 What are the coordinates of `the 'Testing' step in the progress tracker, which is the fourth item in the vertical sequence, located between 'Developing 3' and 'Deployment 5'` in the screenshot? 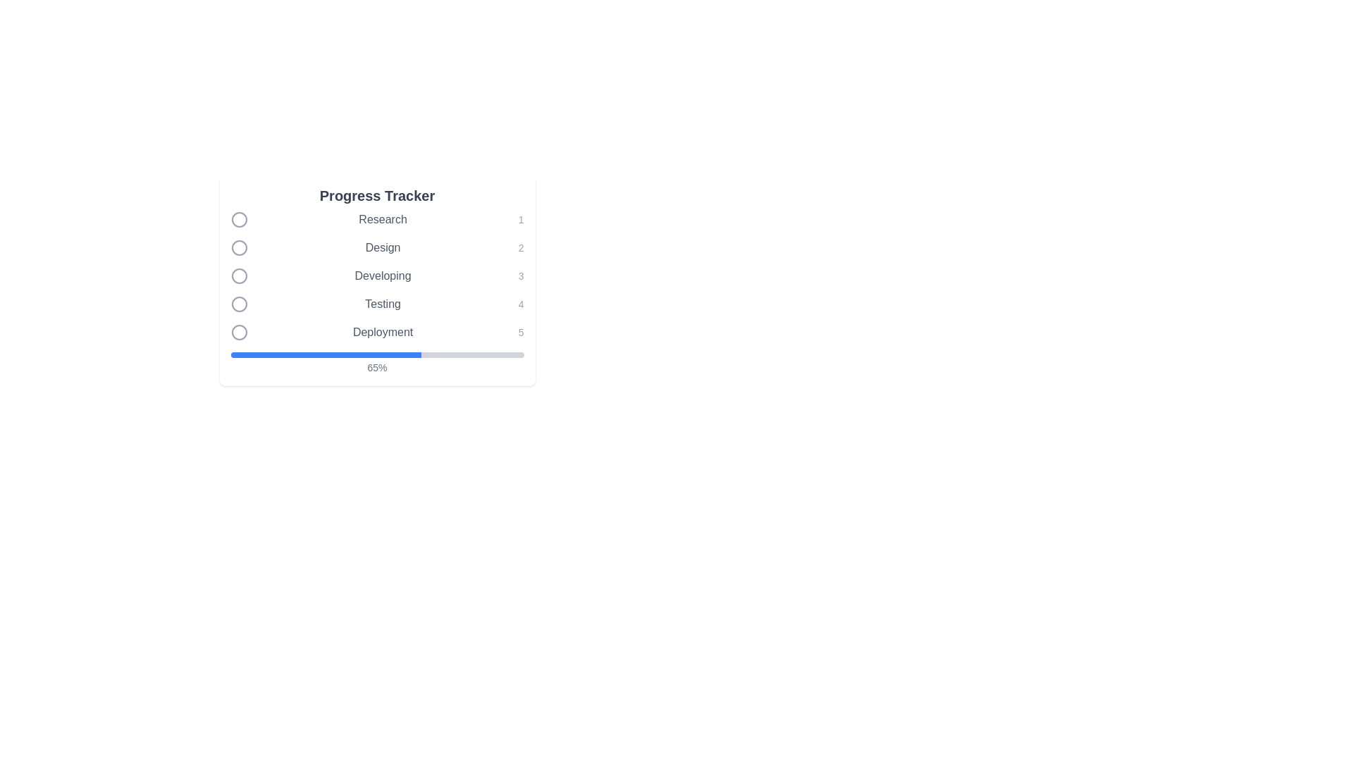 It's located at (377, 304).